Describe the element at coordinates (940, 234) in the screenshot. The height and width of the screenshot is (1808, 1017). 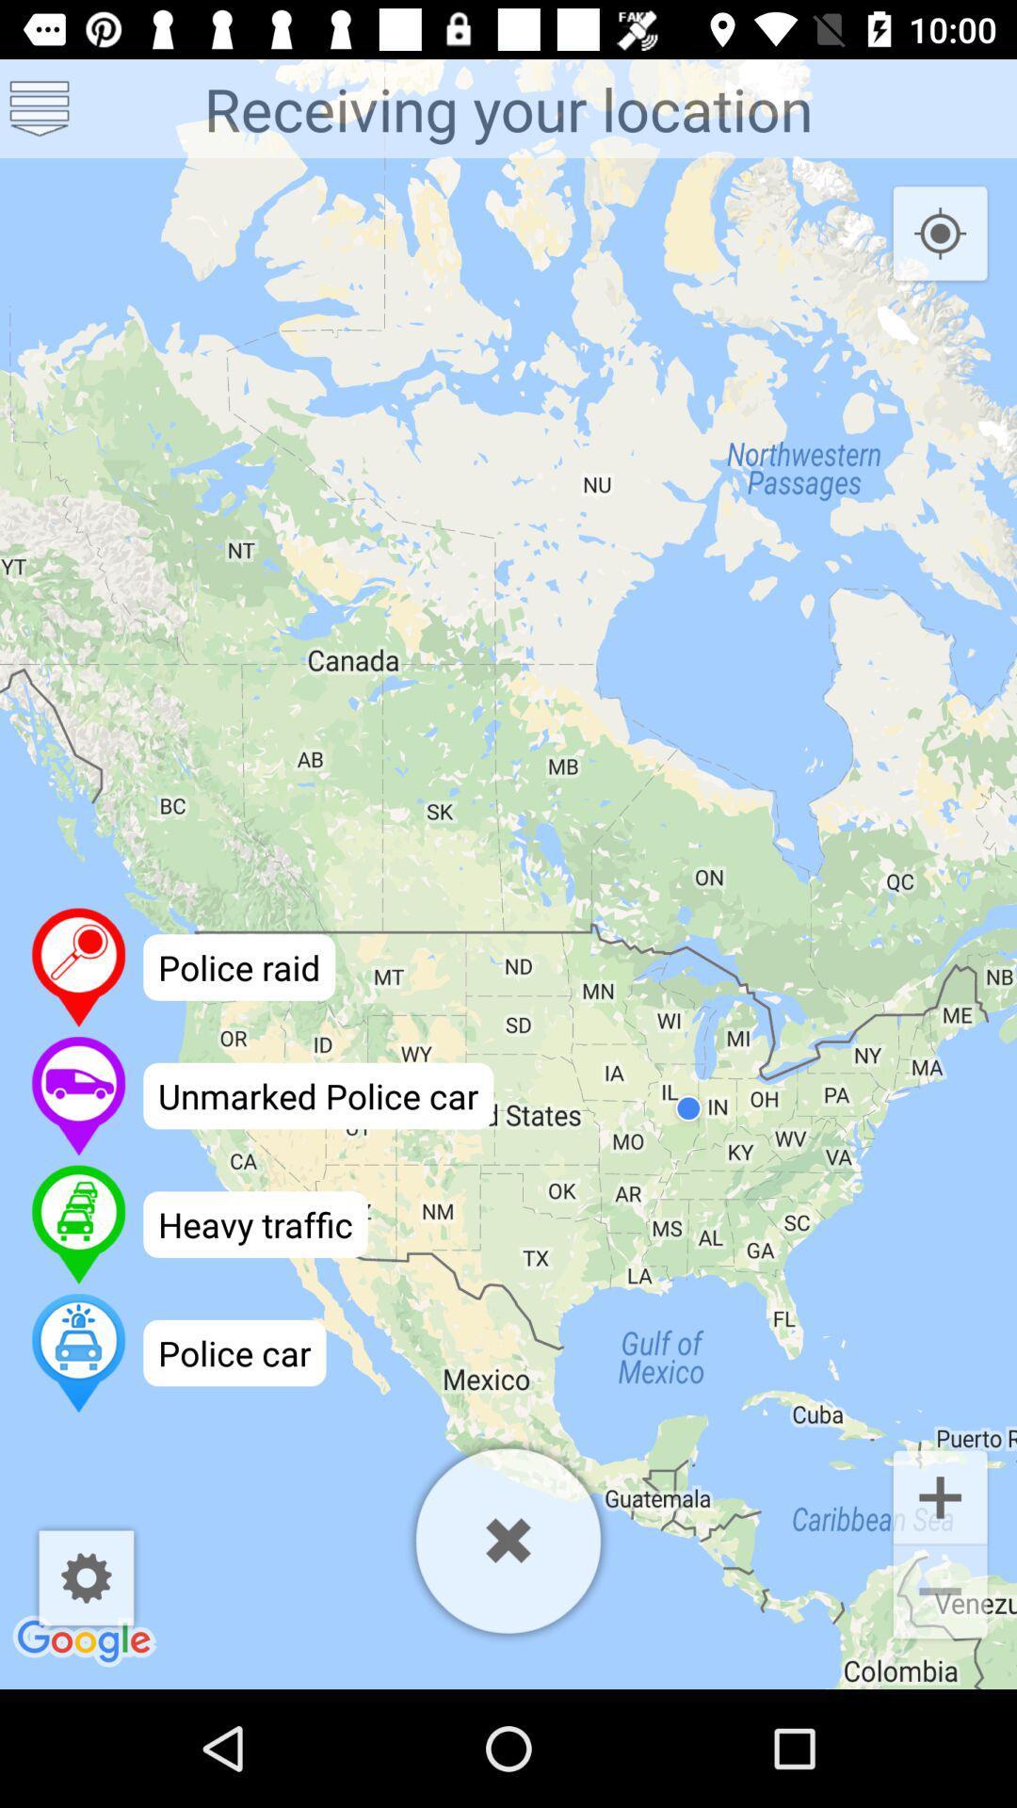
I see `the location_crosshair icon` at that location.